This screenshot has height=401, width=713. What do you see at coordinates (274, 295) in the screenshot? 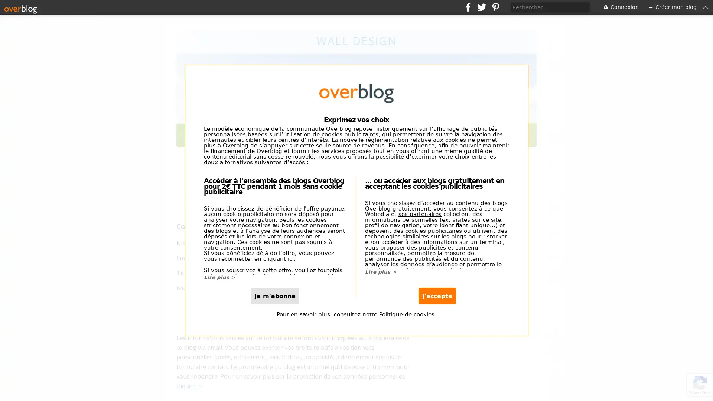
I see `Je m'abonne` at bounding box center [274, 295].